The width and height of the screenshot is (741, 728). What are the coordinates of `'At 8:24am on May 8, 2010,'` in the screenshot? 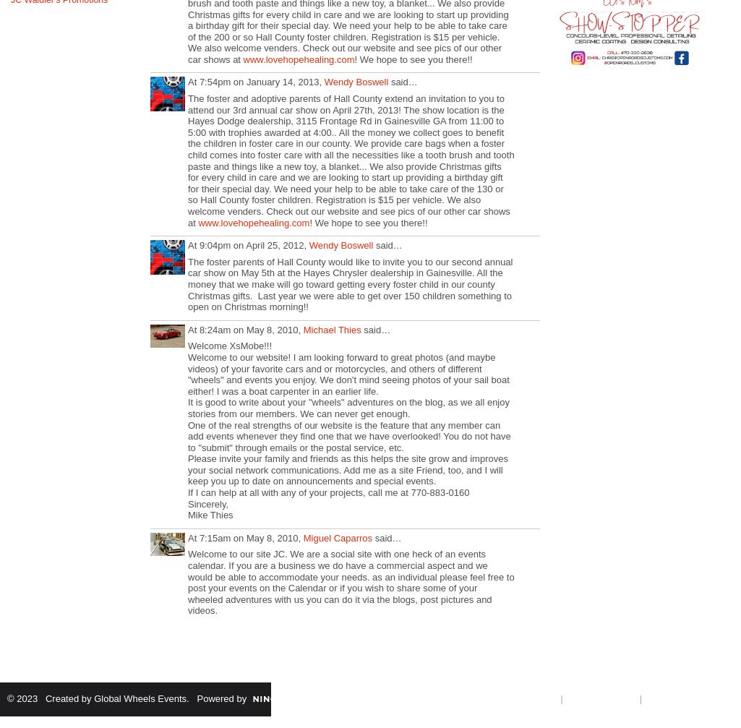 It's located at (244, 329).